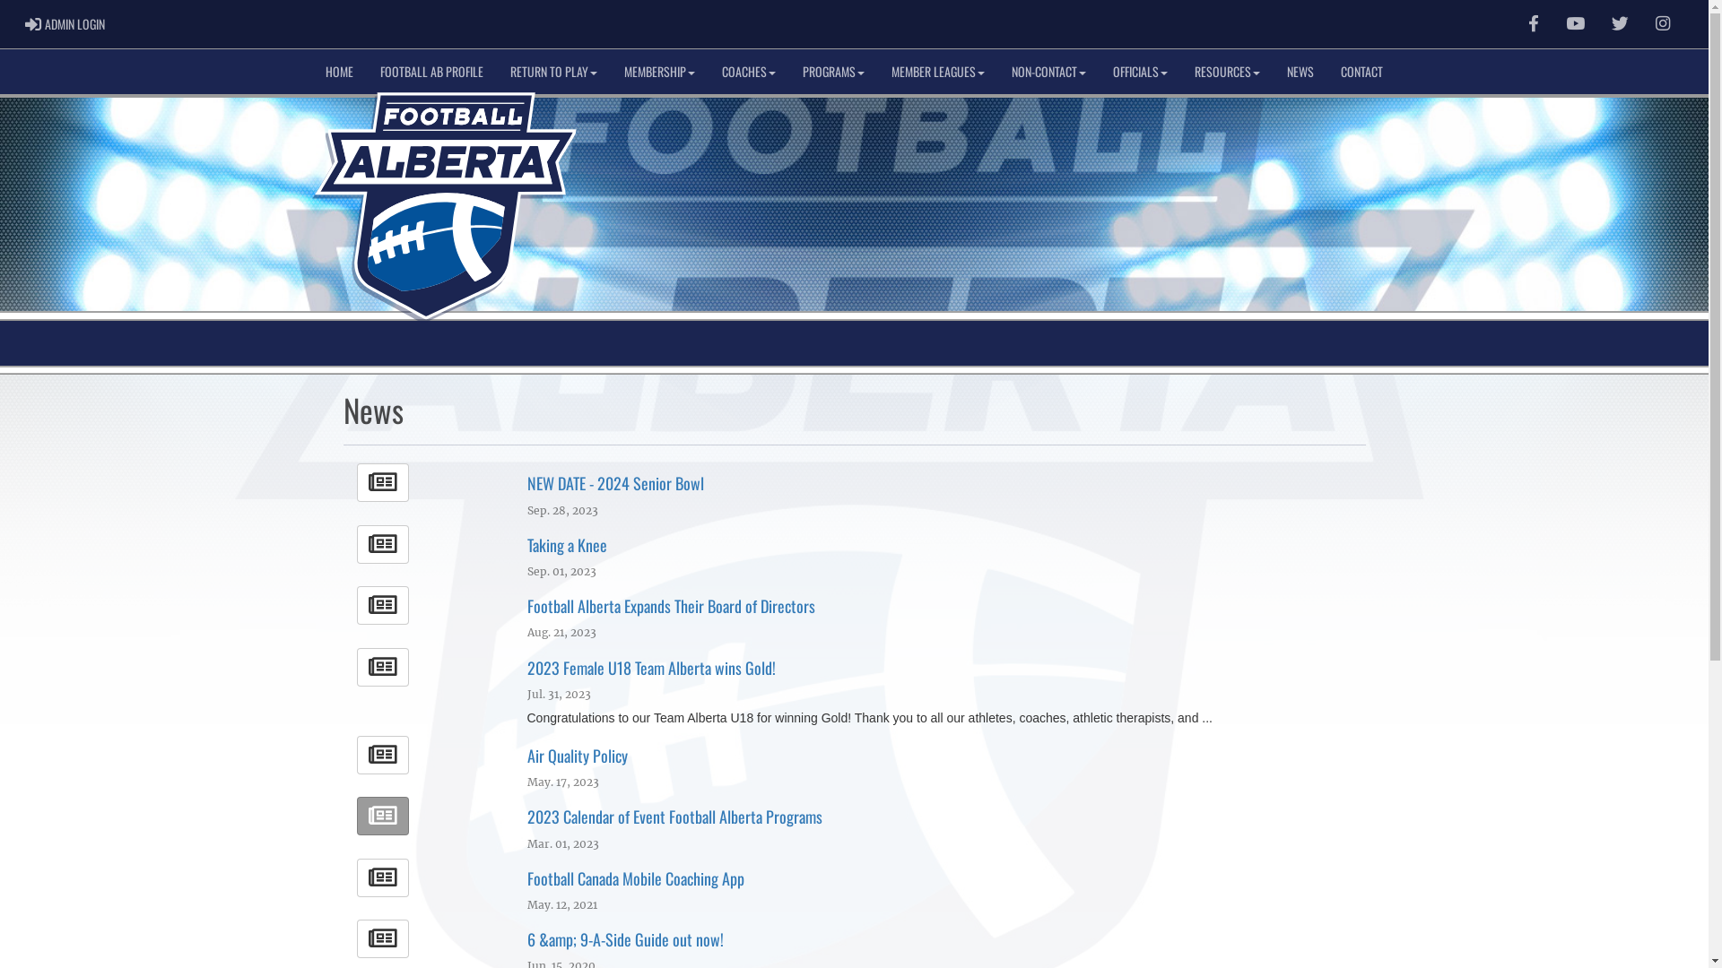 The height and width of the screenshot is (968, 1722). I want to click on 'watch', so click(1565, 23).